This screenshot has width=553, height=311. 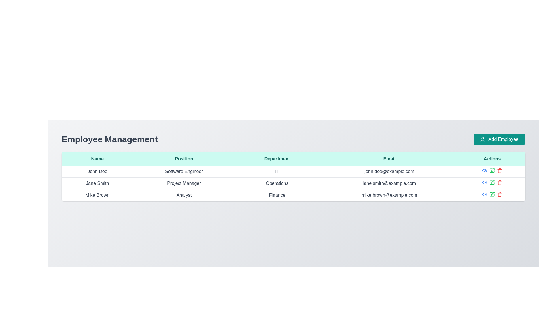 What do you see at coordinates (277, 183) in the screenshot?
I see `text label displaying 'Operations' located in the third column of the table row representing employee 'Jane Smith'` at bounding box center [277, 183].